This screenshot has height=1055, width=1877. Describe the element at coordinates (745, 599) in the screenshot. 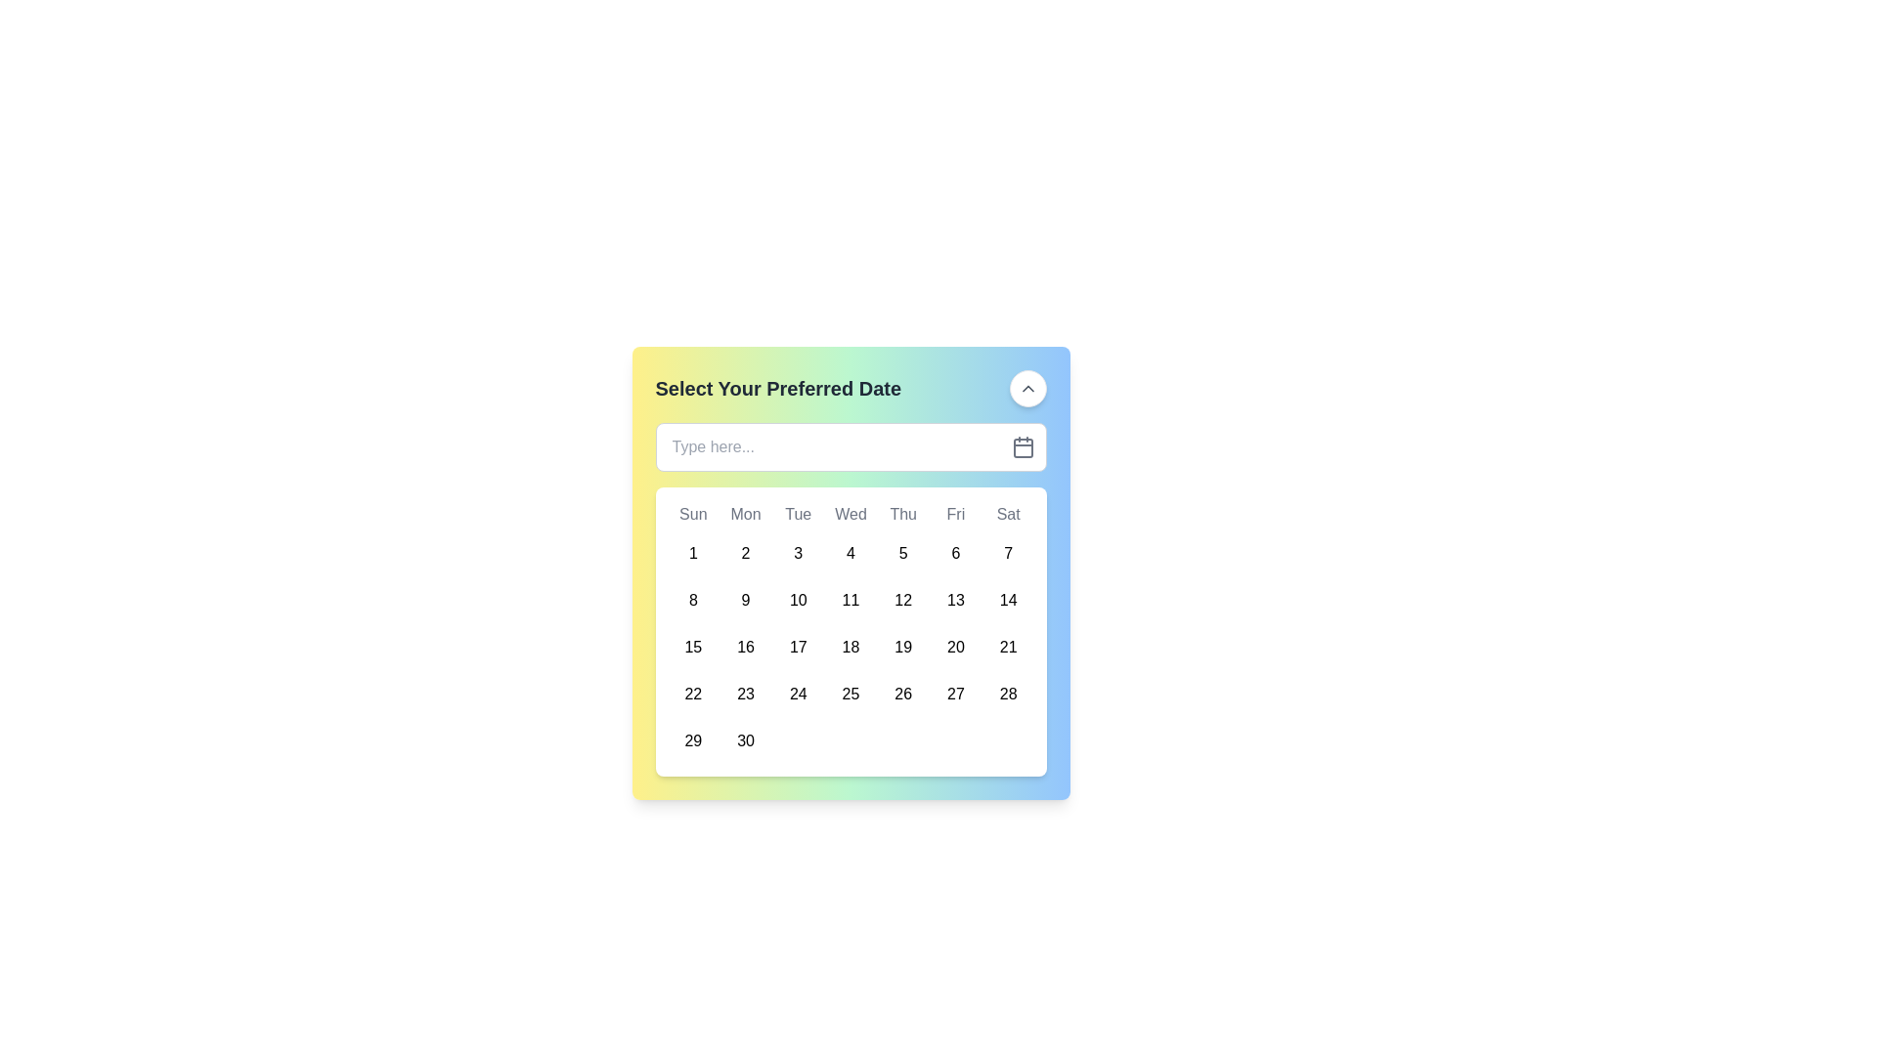

I see `the circular button displaying the number '9' in the calendar grid under 'Select Your Preferred Date'` at that location.